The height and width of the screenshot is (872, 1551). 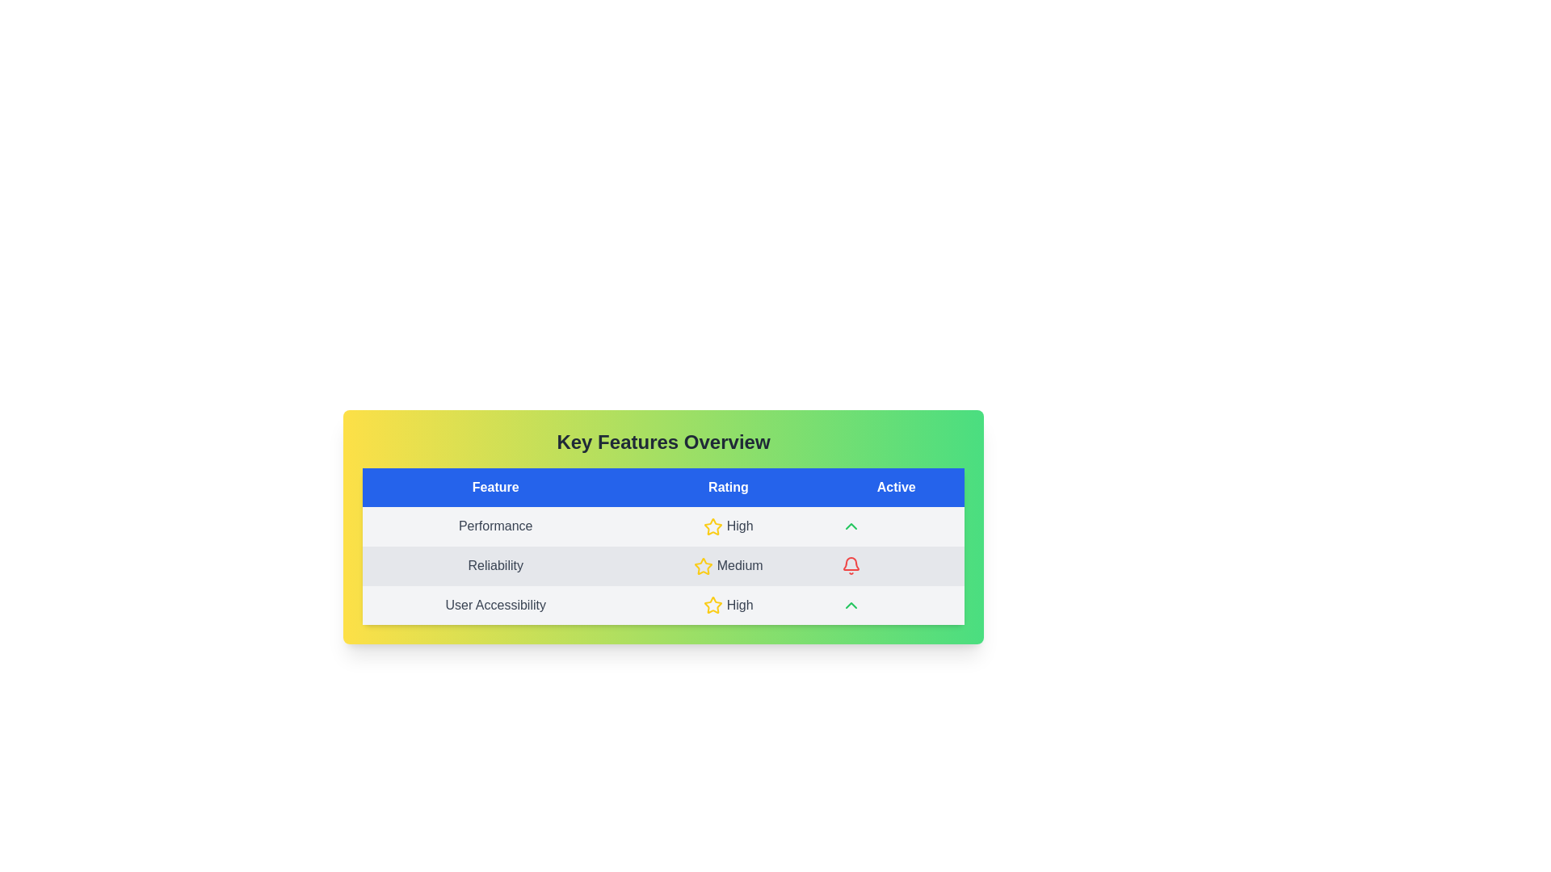 What do you see at coordinates (728, 487) in the screenshot?
I see `the 'Rating' column header in the table, which is the second column header between 'Feature' and 'Active'` at bounding box center [728, 487].